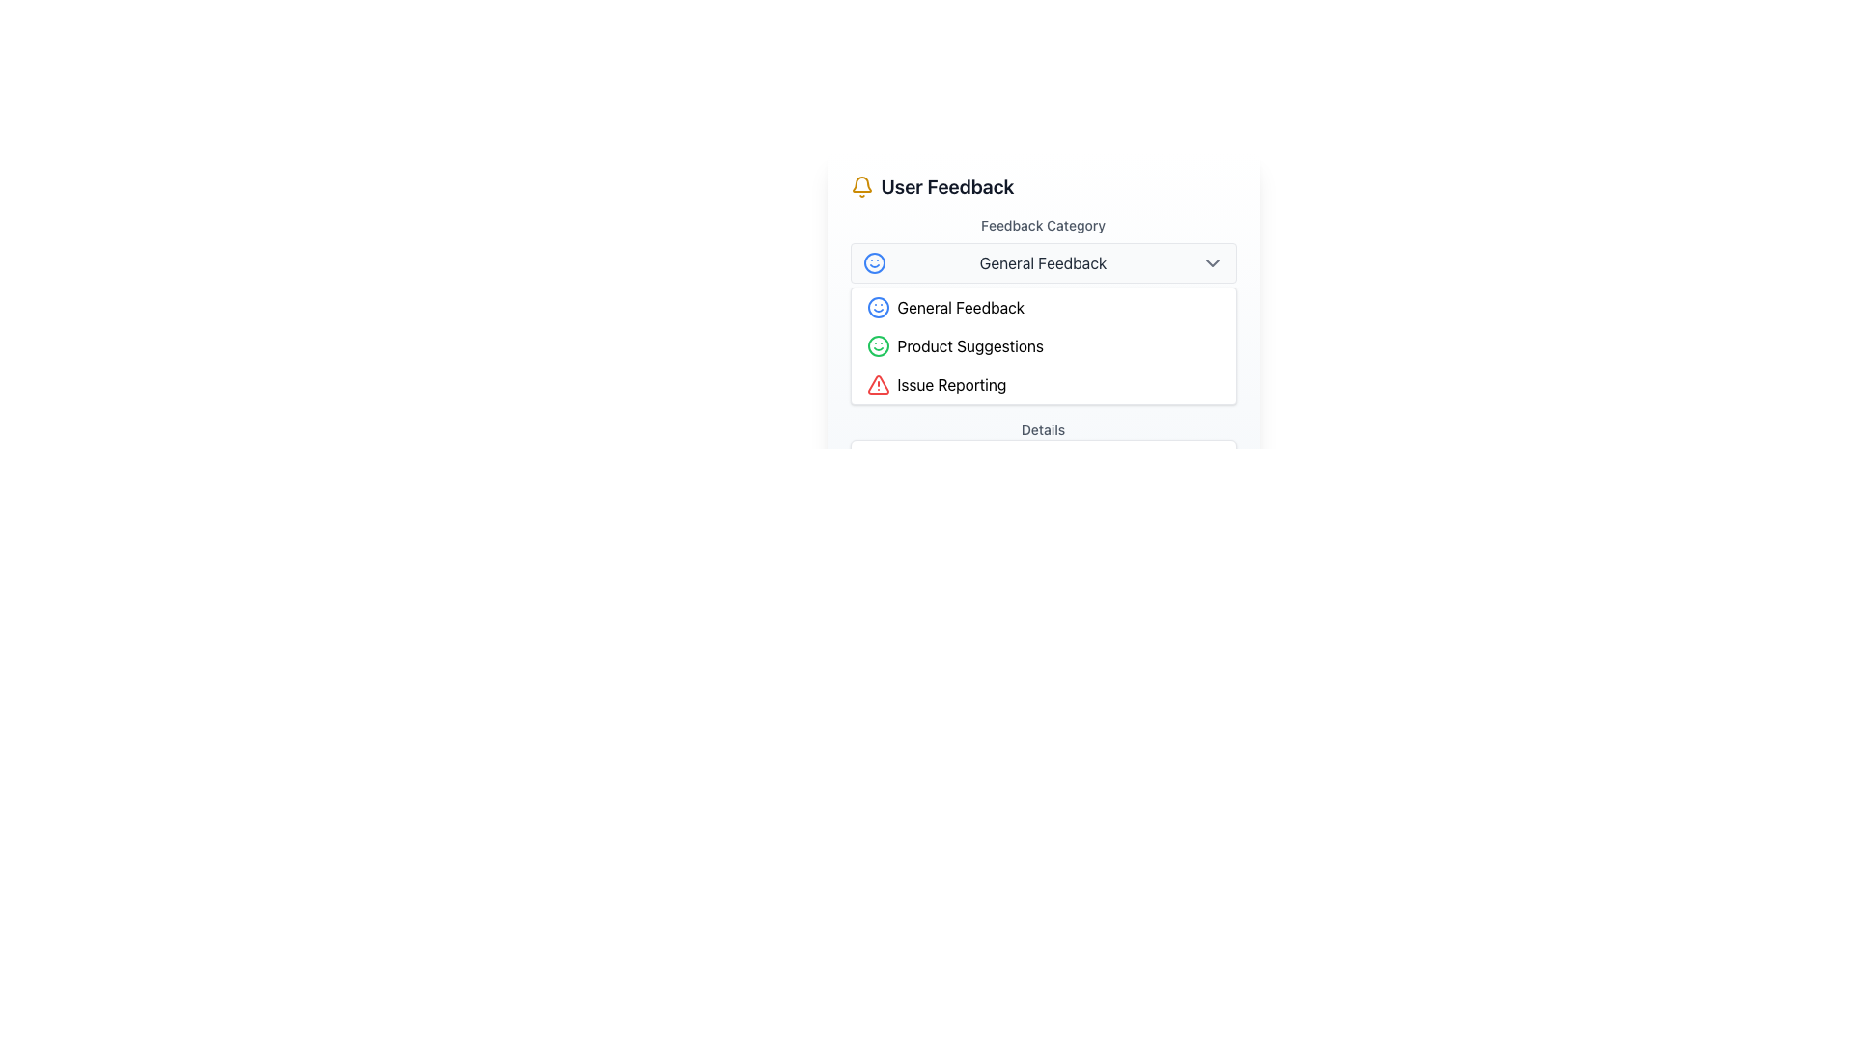  I want to click on the text 'Issue Reporting' option in the selection list, so click(951, 384).